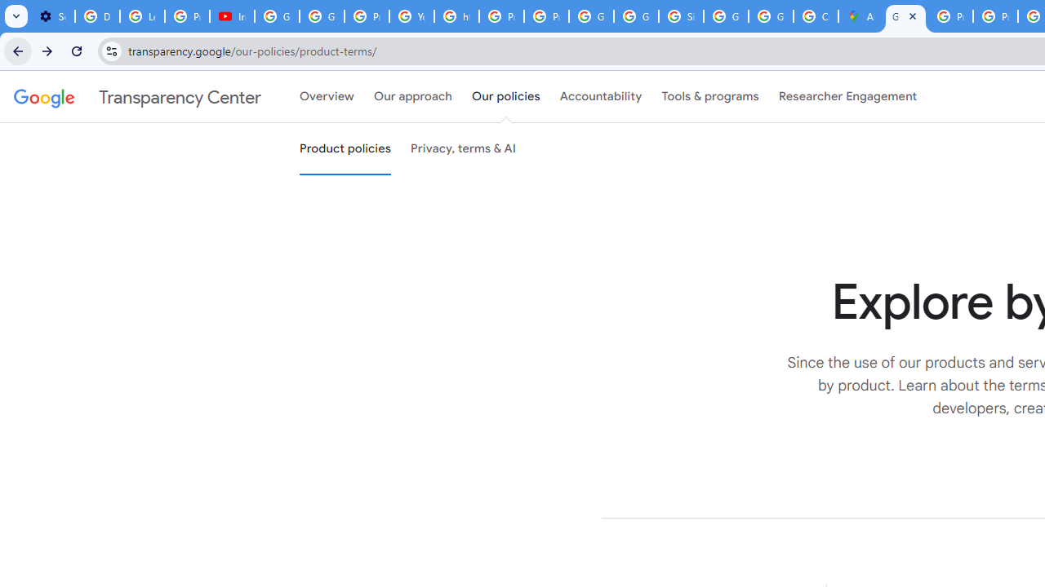 This screenshot has width=1045, height=587. Describe the element at coordinates (680, 16) in the screenshot. I see `'Sign in - Google Accounts'` at that location.